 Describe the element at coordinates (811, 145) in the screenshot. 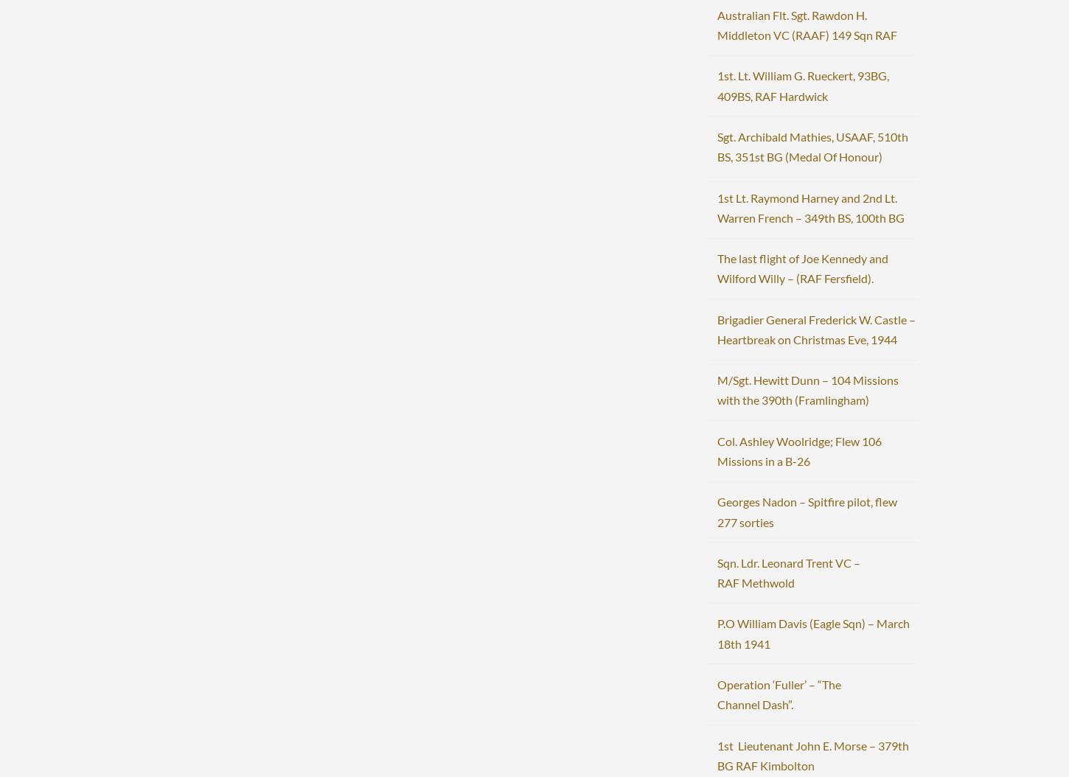

I see `'Sgt. Archibald Mathies, USAAF, 510th BS, 351st BG (Medal Of Honour)'` at that location.